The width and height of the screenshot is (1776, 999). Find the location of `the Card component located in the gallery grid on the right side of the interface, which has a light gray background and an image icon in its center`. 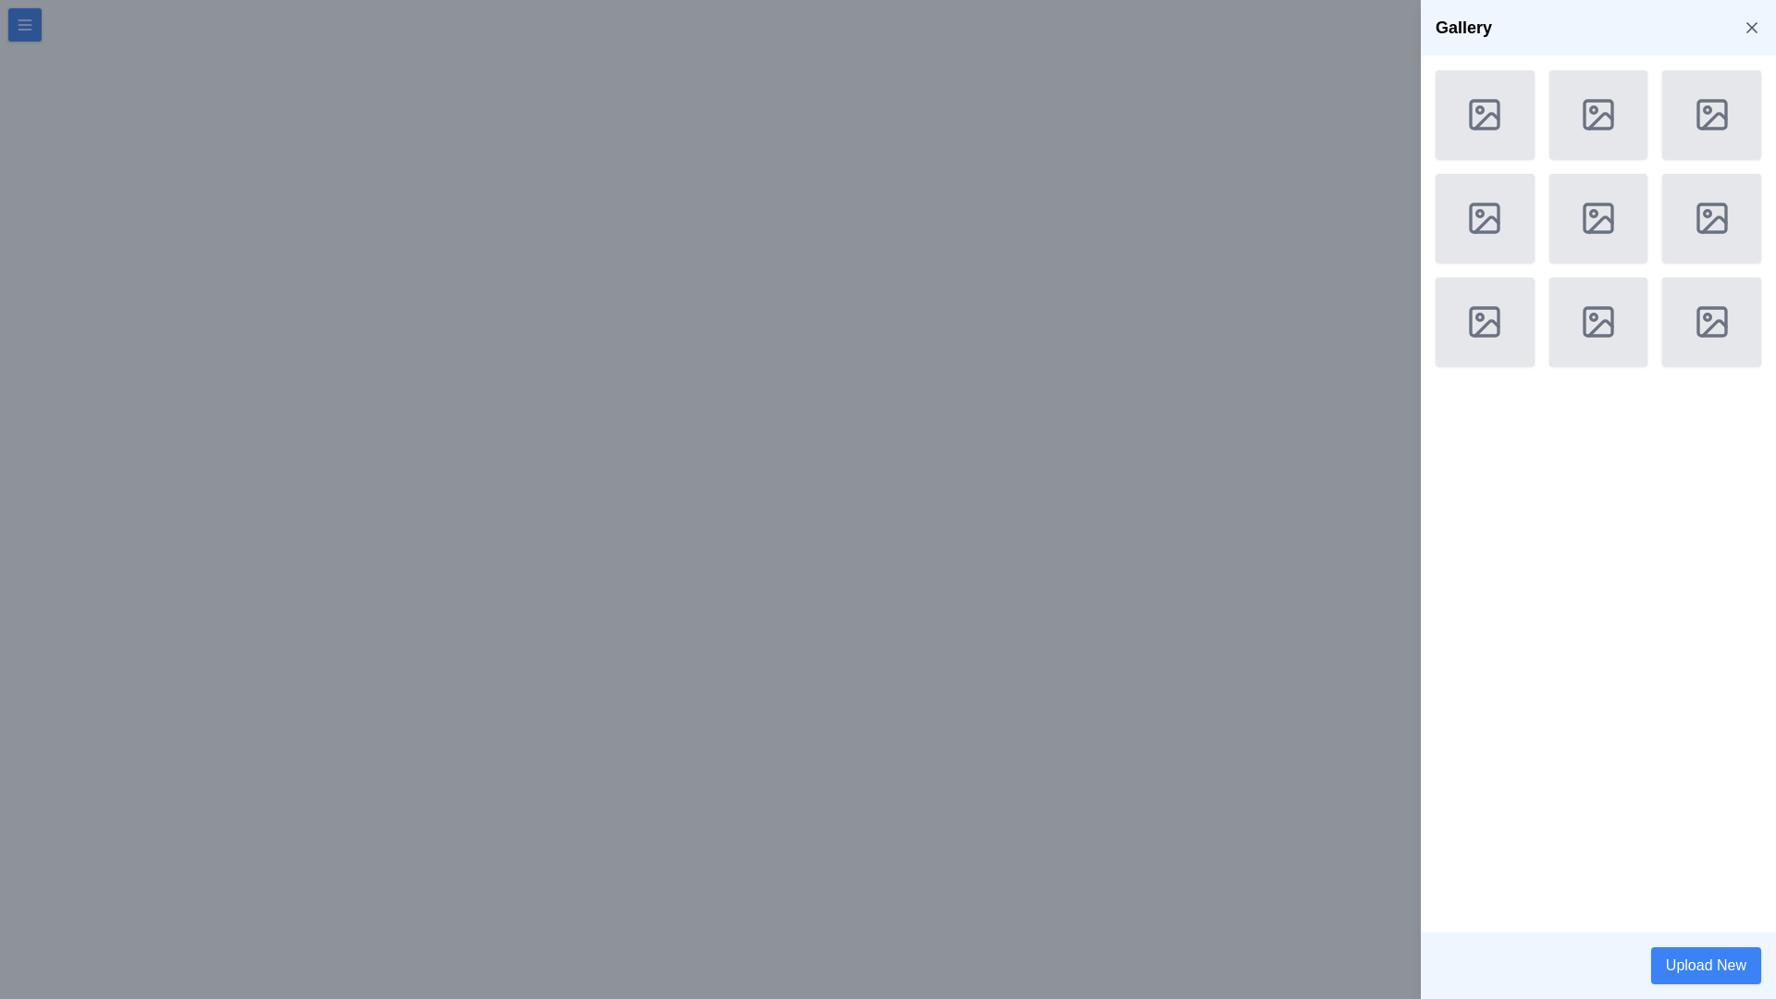

the Card component located in the gallery grid on the right side of the interface, which has a light gray background and an image icon in its center is located at coordinates (1597, 320).